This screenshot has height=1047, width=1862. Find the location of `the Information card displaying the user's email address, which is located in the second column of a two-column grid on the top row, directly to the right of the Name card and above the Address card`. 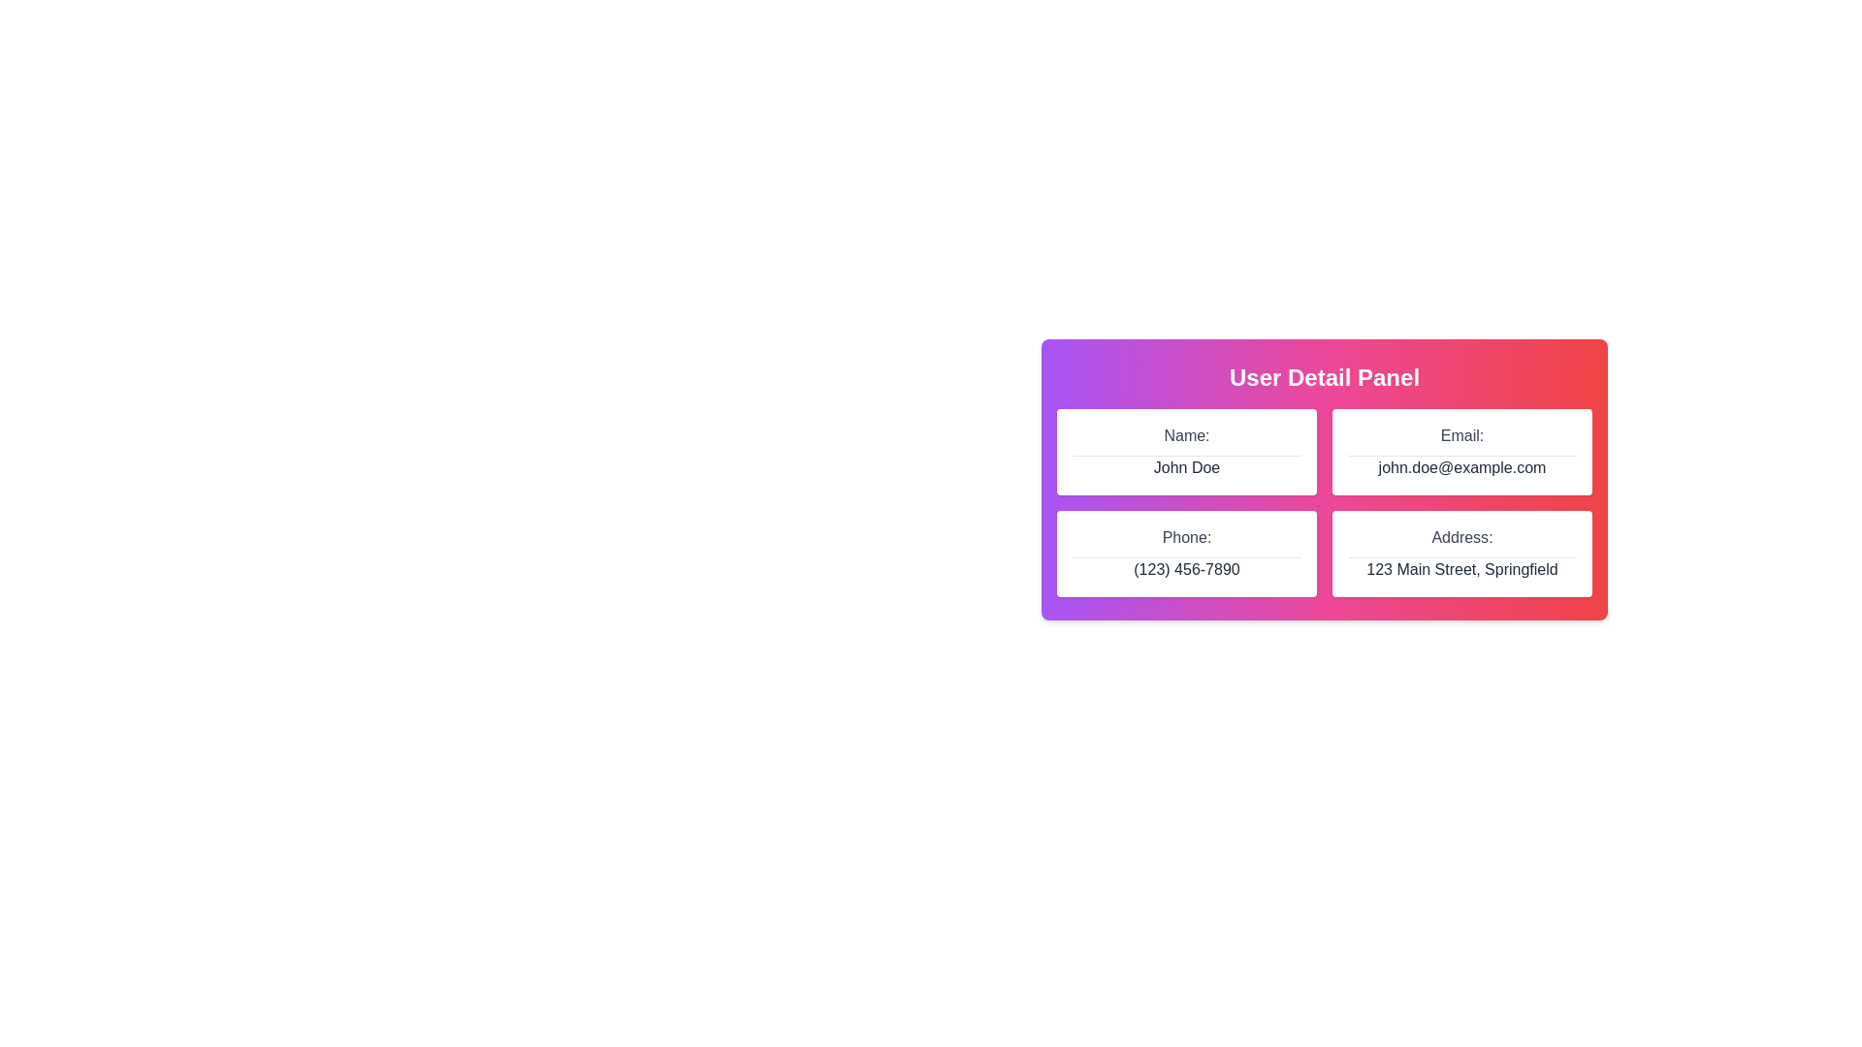

the Information card displaying the user's email address, which is located in the second column of a two-column grid on the top row, directly to the right of the Name card and above the Address card is located at coordinates (1461, 452).